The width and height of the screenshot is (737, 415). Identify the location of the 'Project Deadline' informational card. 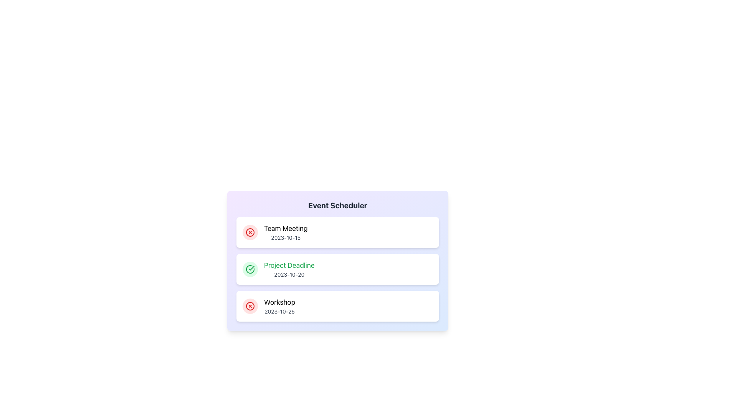
(337, 269).